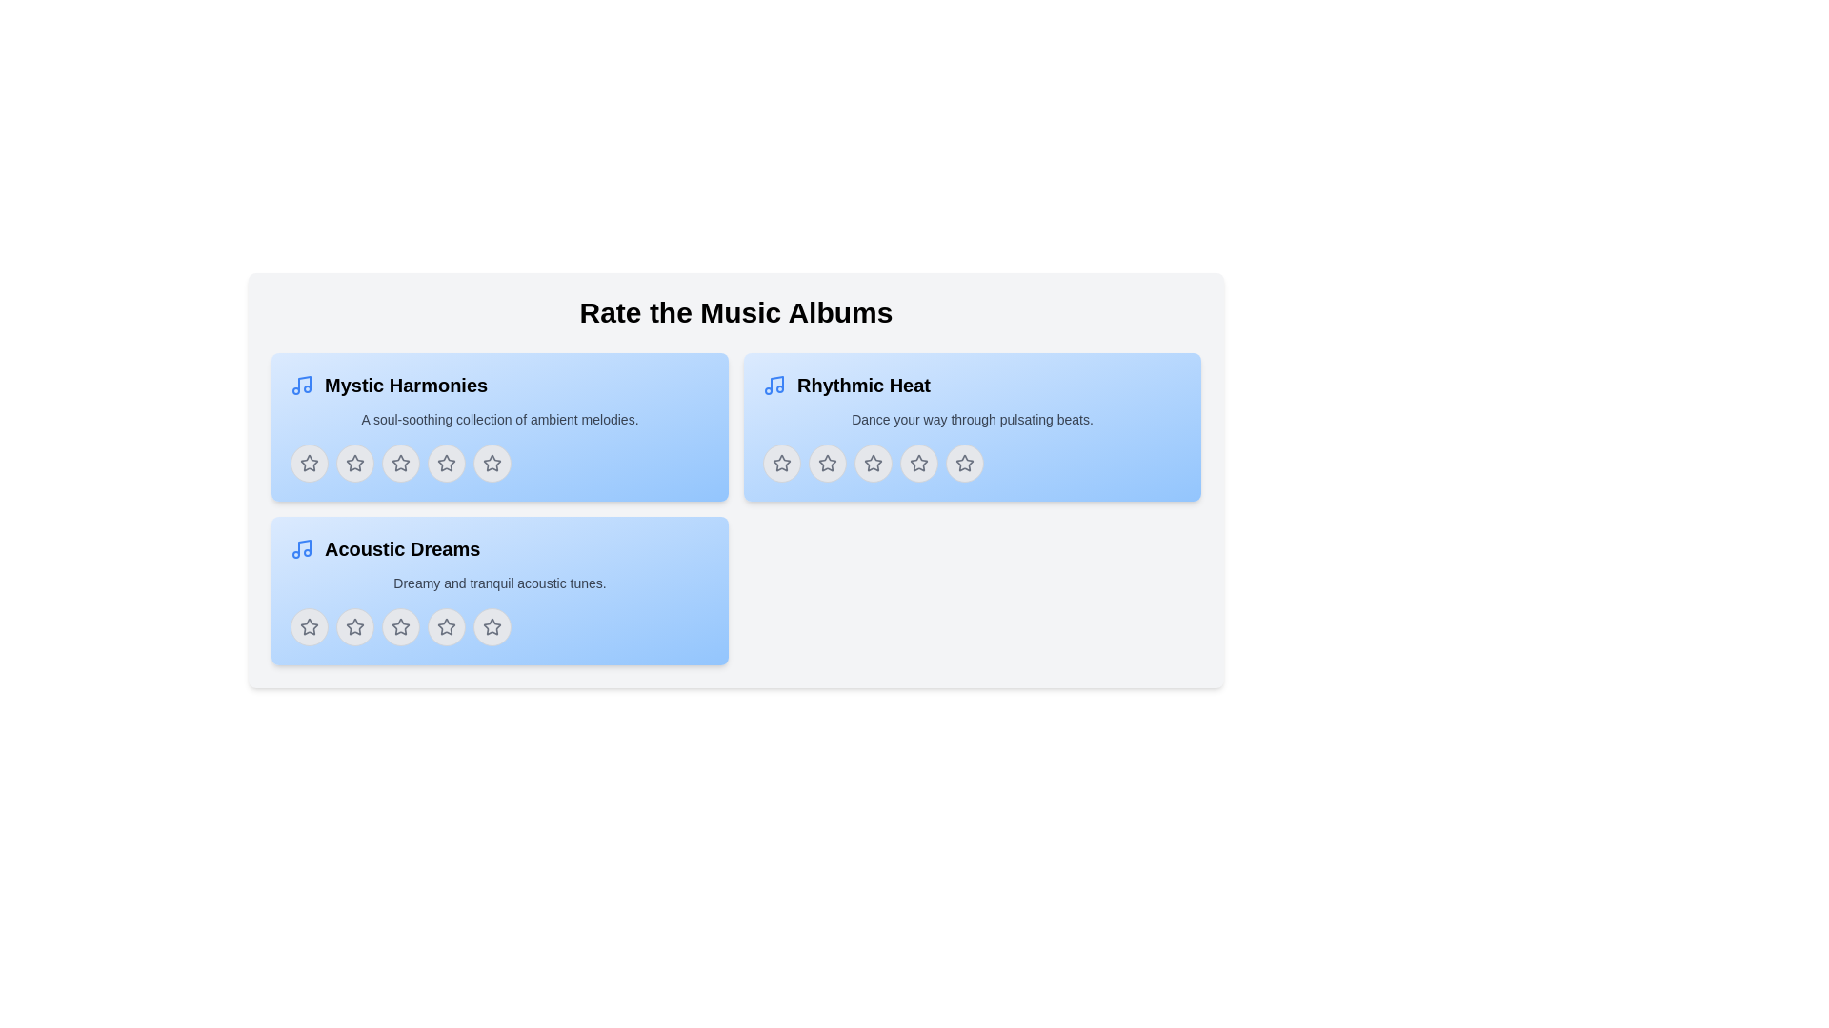 The width and height of the screenshot is (1829, 1028). Describe the element at coordinates (781, 463) in the screenshot. I see `the first star icon in the rating row for the album 'Rhythmic Heat' to assign a star rating` at that location.